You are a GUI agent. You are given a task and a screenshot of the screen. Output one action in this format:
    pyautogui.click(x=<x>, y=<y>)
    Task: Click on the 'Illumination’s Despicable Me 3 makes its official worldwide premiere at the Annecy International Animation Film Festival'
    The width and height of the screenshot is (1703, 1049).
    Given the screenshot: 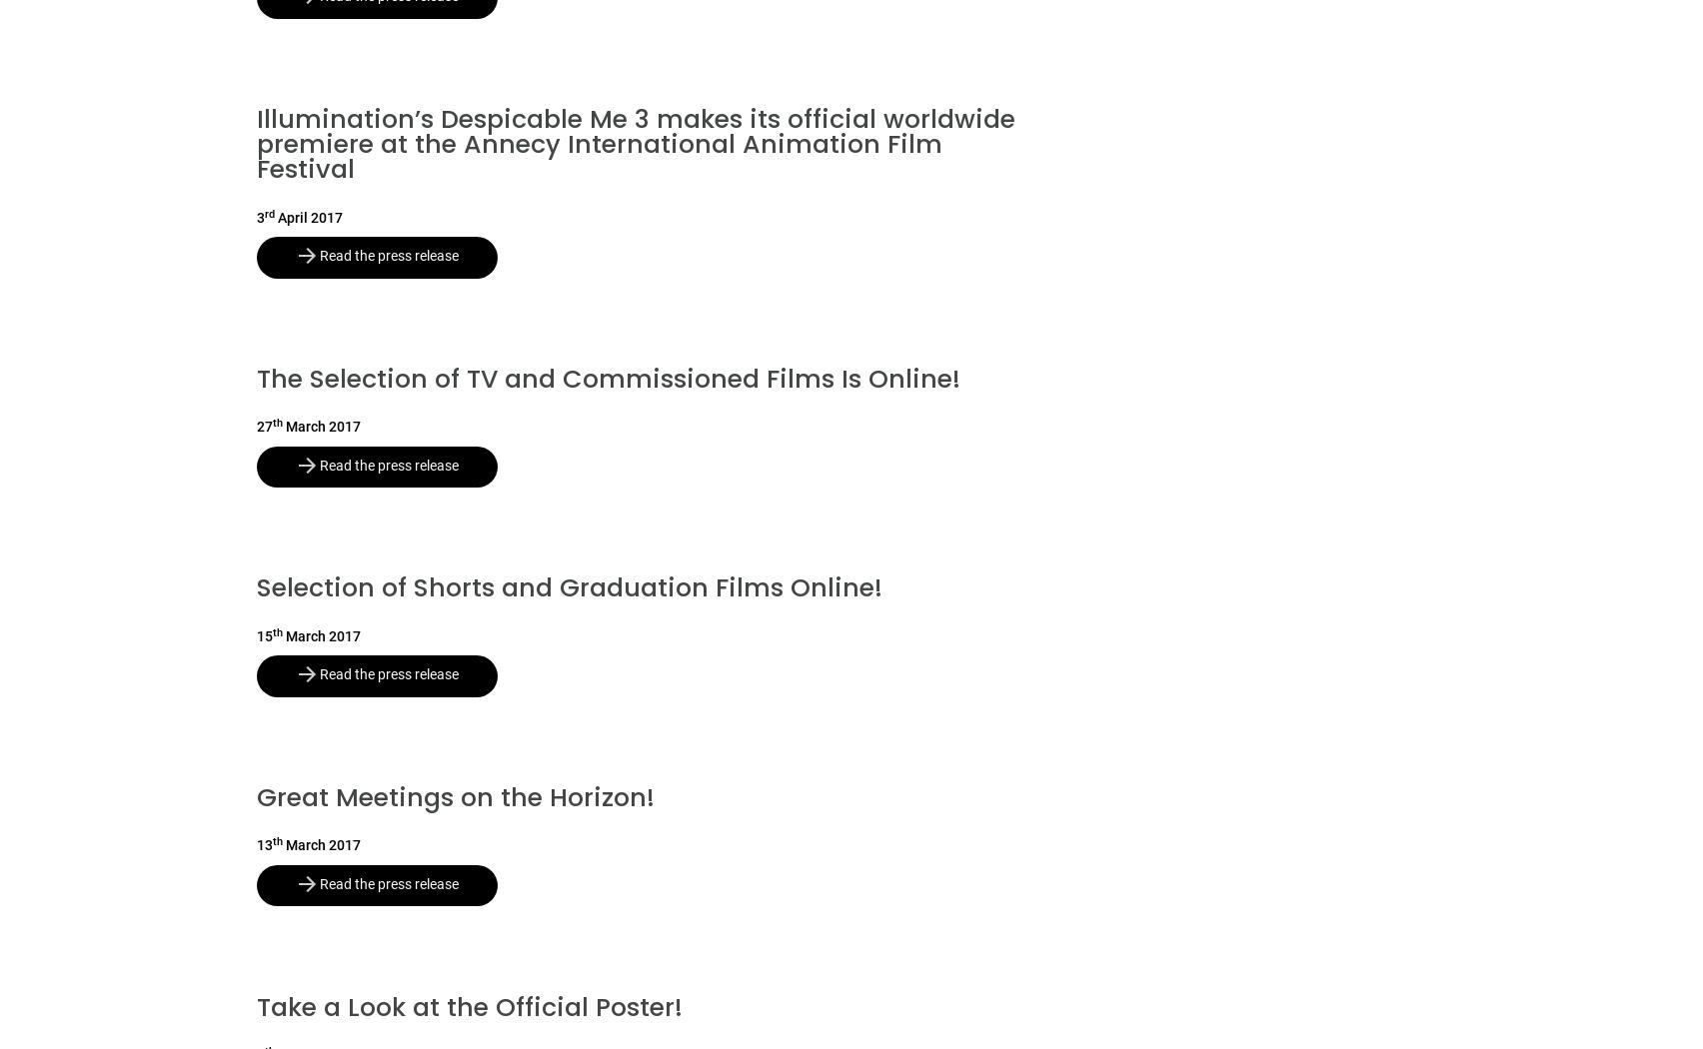 What is the action you would take?
    pyautogui.click(x=636, y=143)
    